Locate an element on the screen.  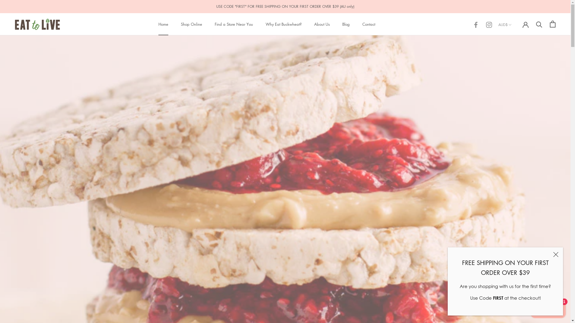
'Contact is located at coordinates (368, 24).